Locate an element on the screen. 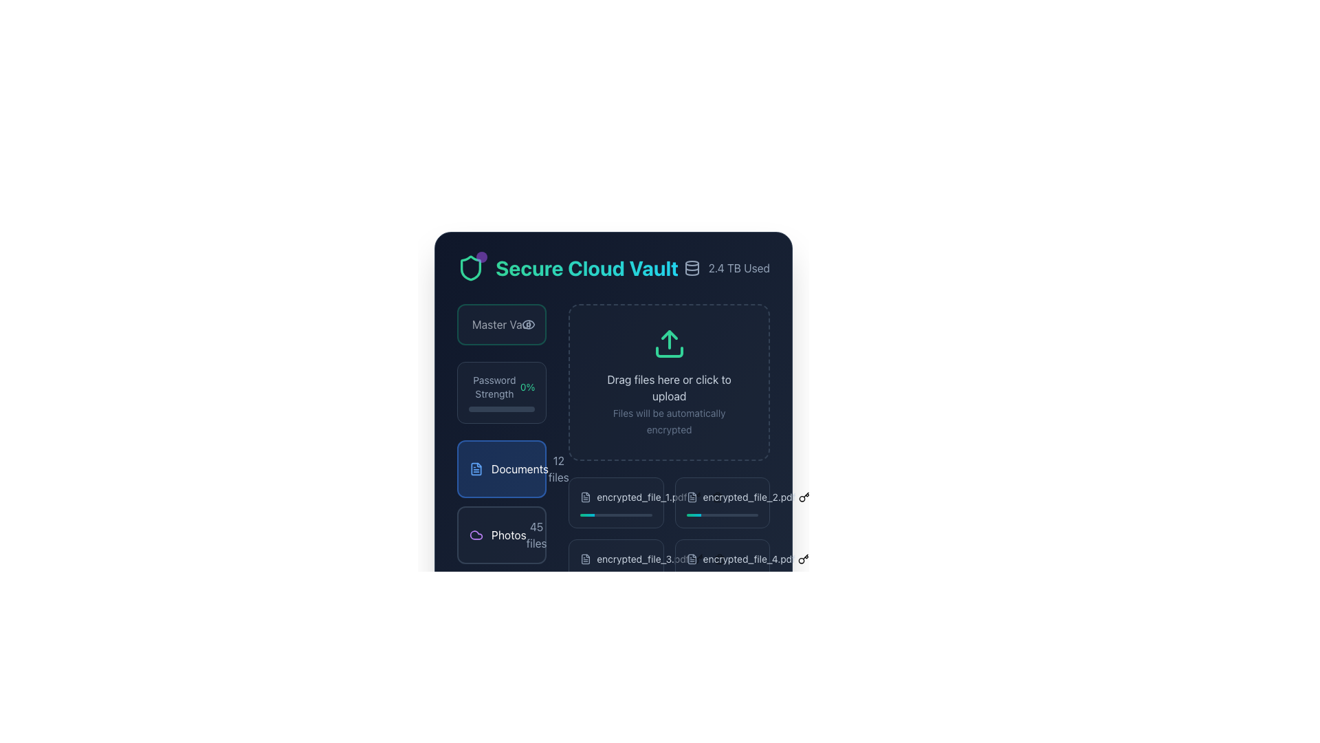 This screenshot has height=743, width=1320. the file listing entry for 'encrypted_file_4.pdf' is located at coordinates (721, 559).